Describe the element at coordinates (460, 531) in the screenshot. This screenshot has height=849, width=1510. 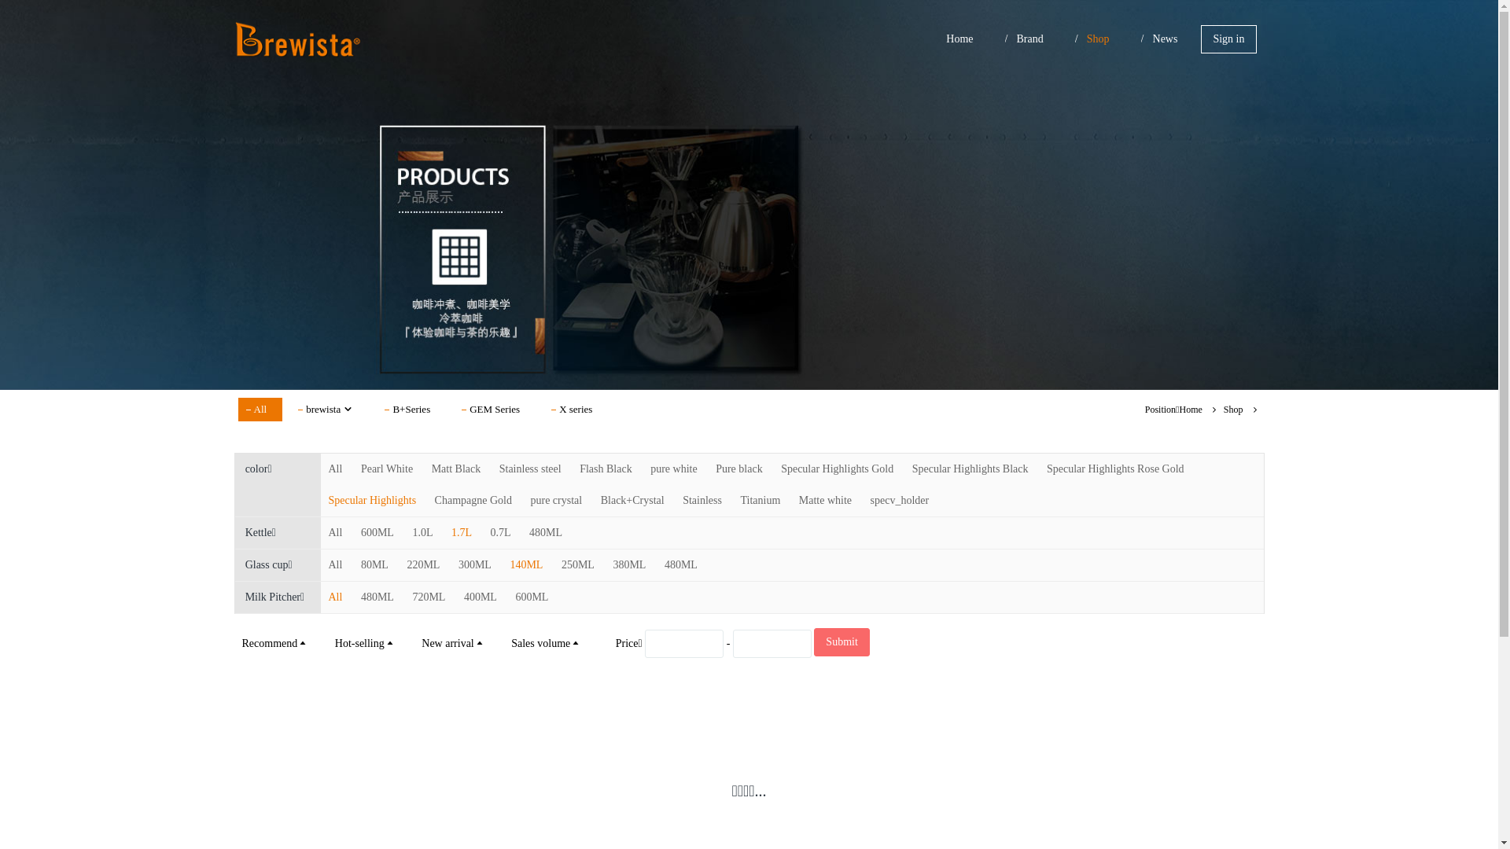
I see `'1.7L'` at that location.